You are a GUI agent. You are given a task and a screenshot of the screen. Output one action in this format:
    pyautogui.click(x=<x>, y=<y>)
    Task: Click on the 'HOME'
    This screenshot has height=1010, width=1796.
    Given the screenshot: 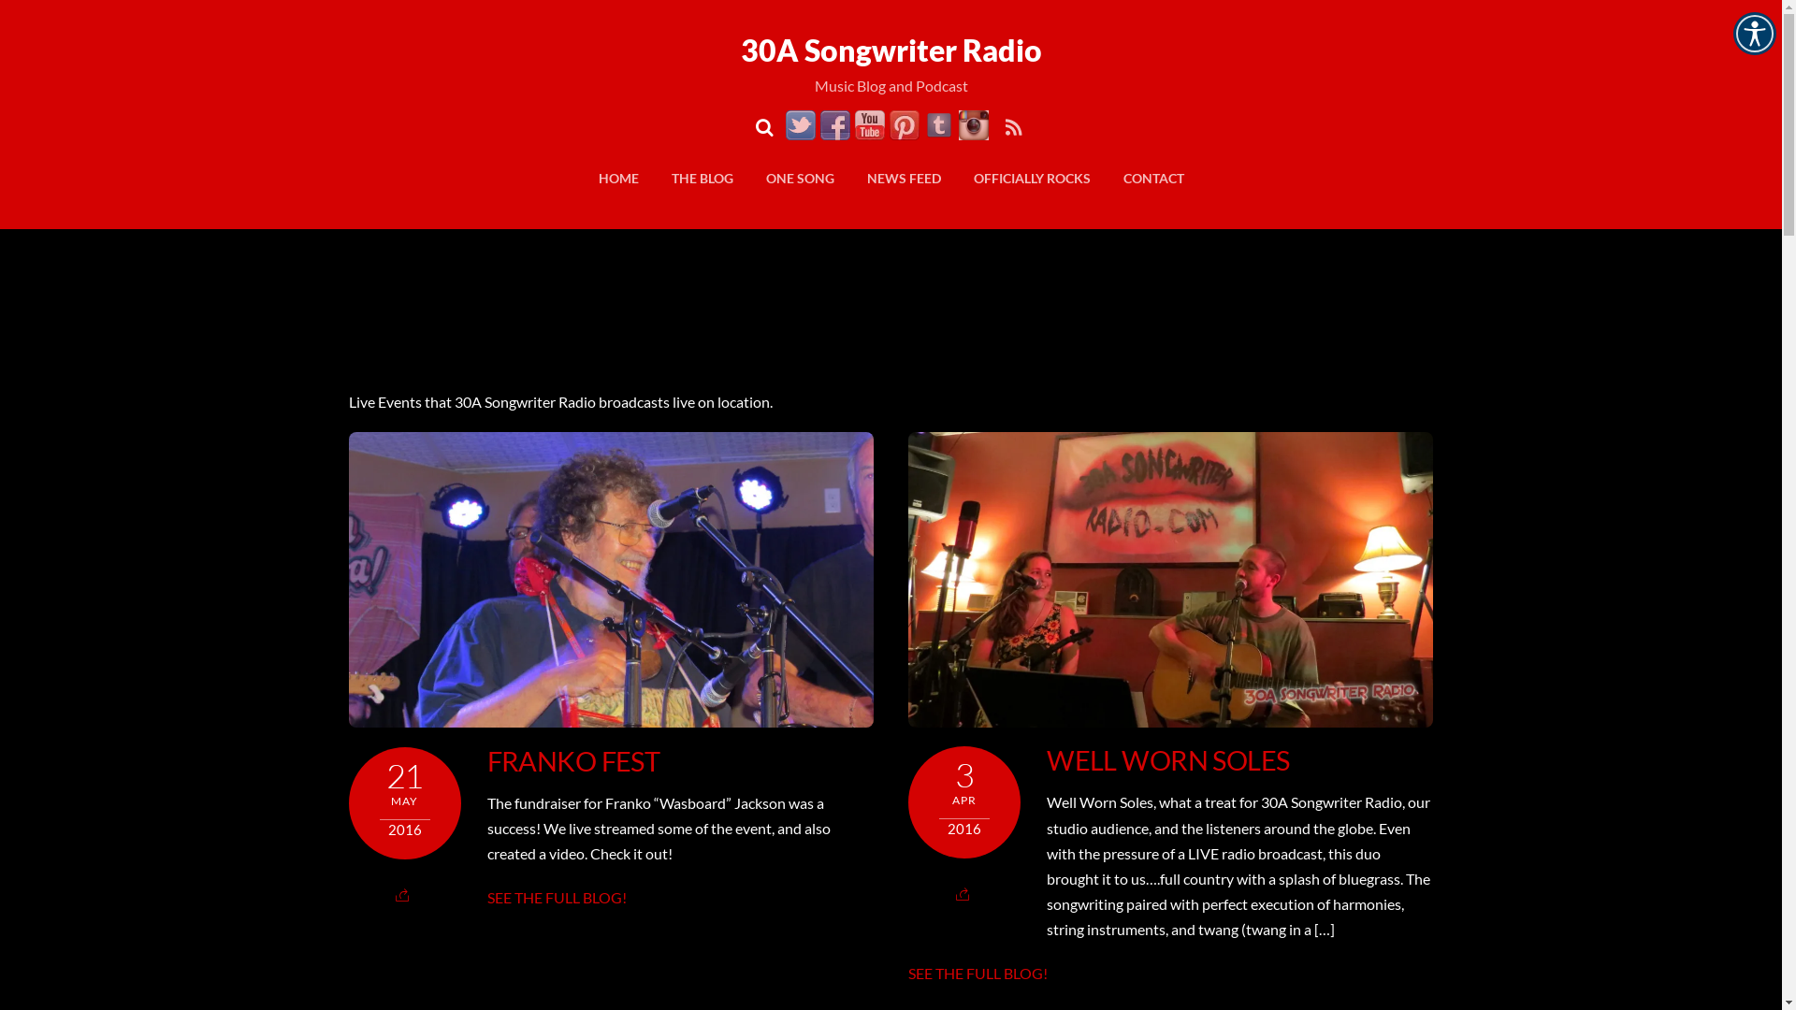 What is the action you would take?
    pyautogui.click(x=618, y=178)
    